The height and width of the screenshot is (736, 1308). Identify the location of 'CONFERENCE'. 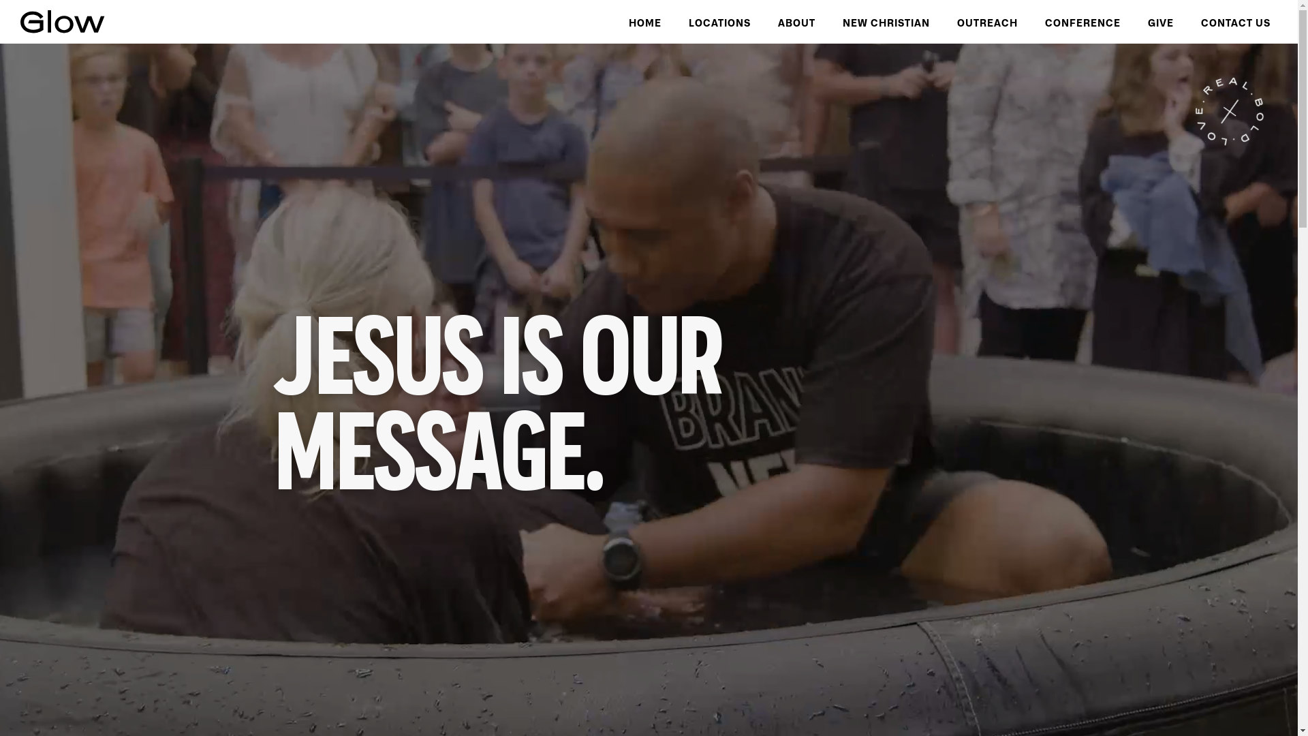
(1082, 21).